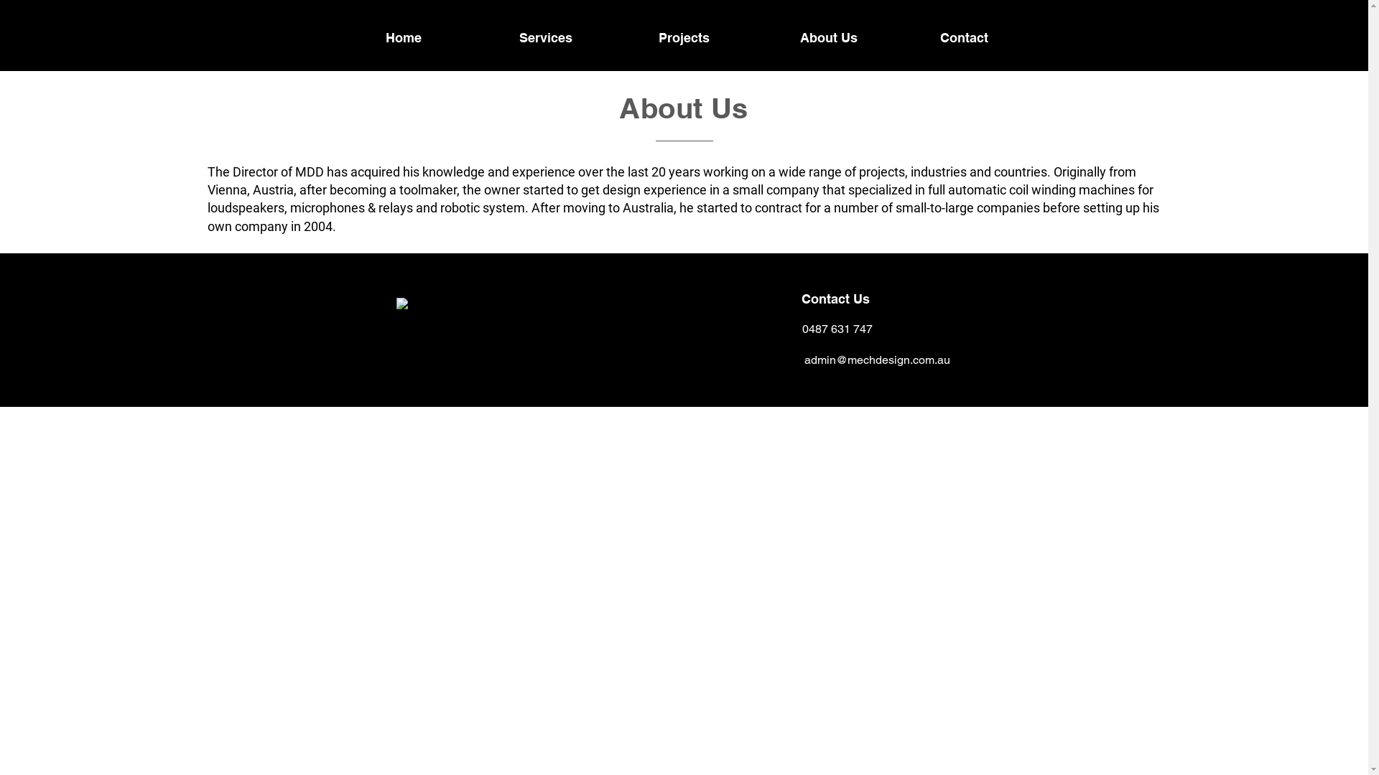  Describe the element at coordinates (402, 37) in the screenshot. I see `'Home'` at that location.